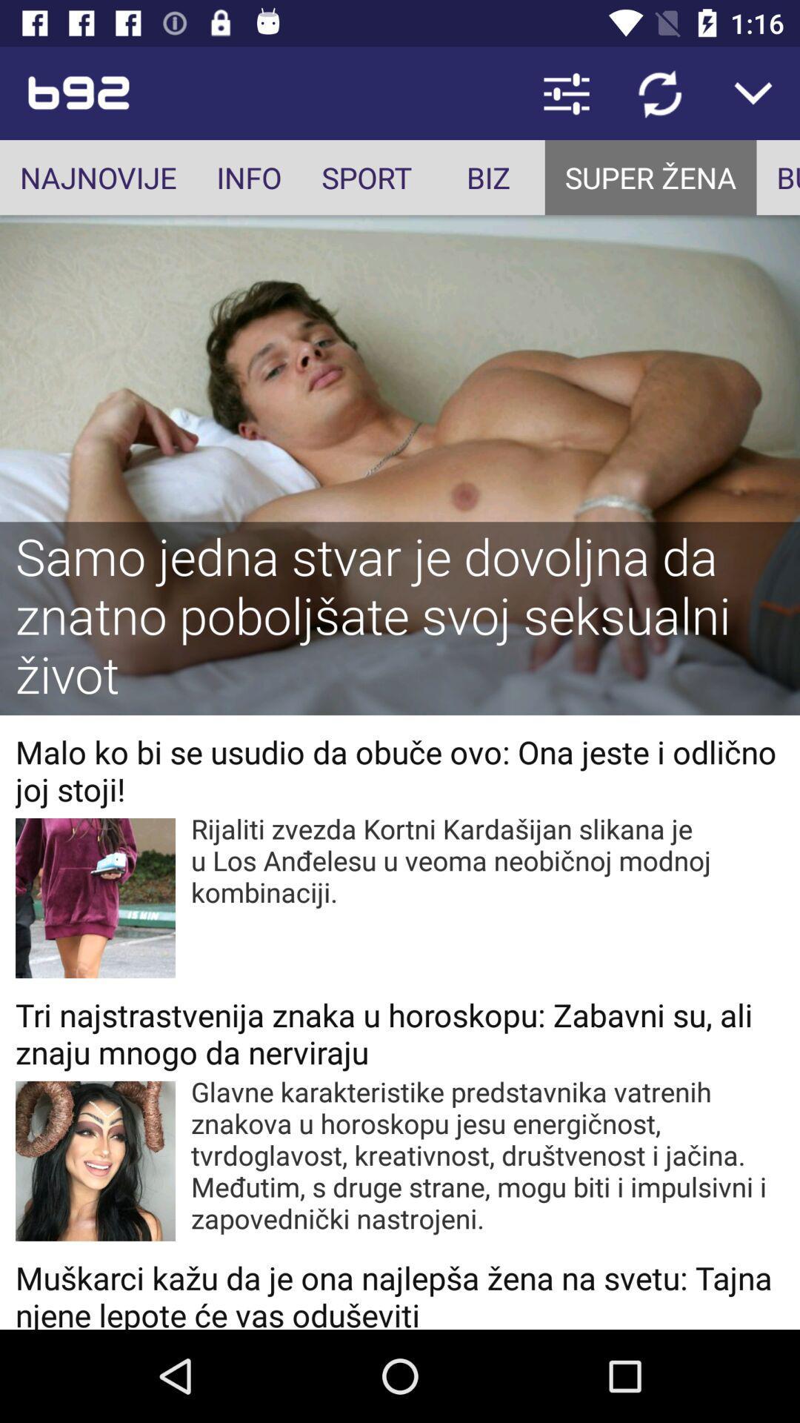 This screenshot has width=800, height=1423. What do you see at coordinates (487, 860) in the screenshot?
I see `the app below the malo ko bi item` at bounding box center [487, 860].